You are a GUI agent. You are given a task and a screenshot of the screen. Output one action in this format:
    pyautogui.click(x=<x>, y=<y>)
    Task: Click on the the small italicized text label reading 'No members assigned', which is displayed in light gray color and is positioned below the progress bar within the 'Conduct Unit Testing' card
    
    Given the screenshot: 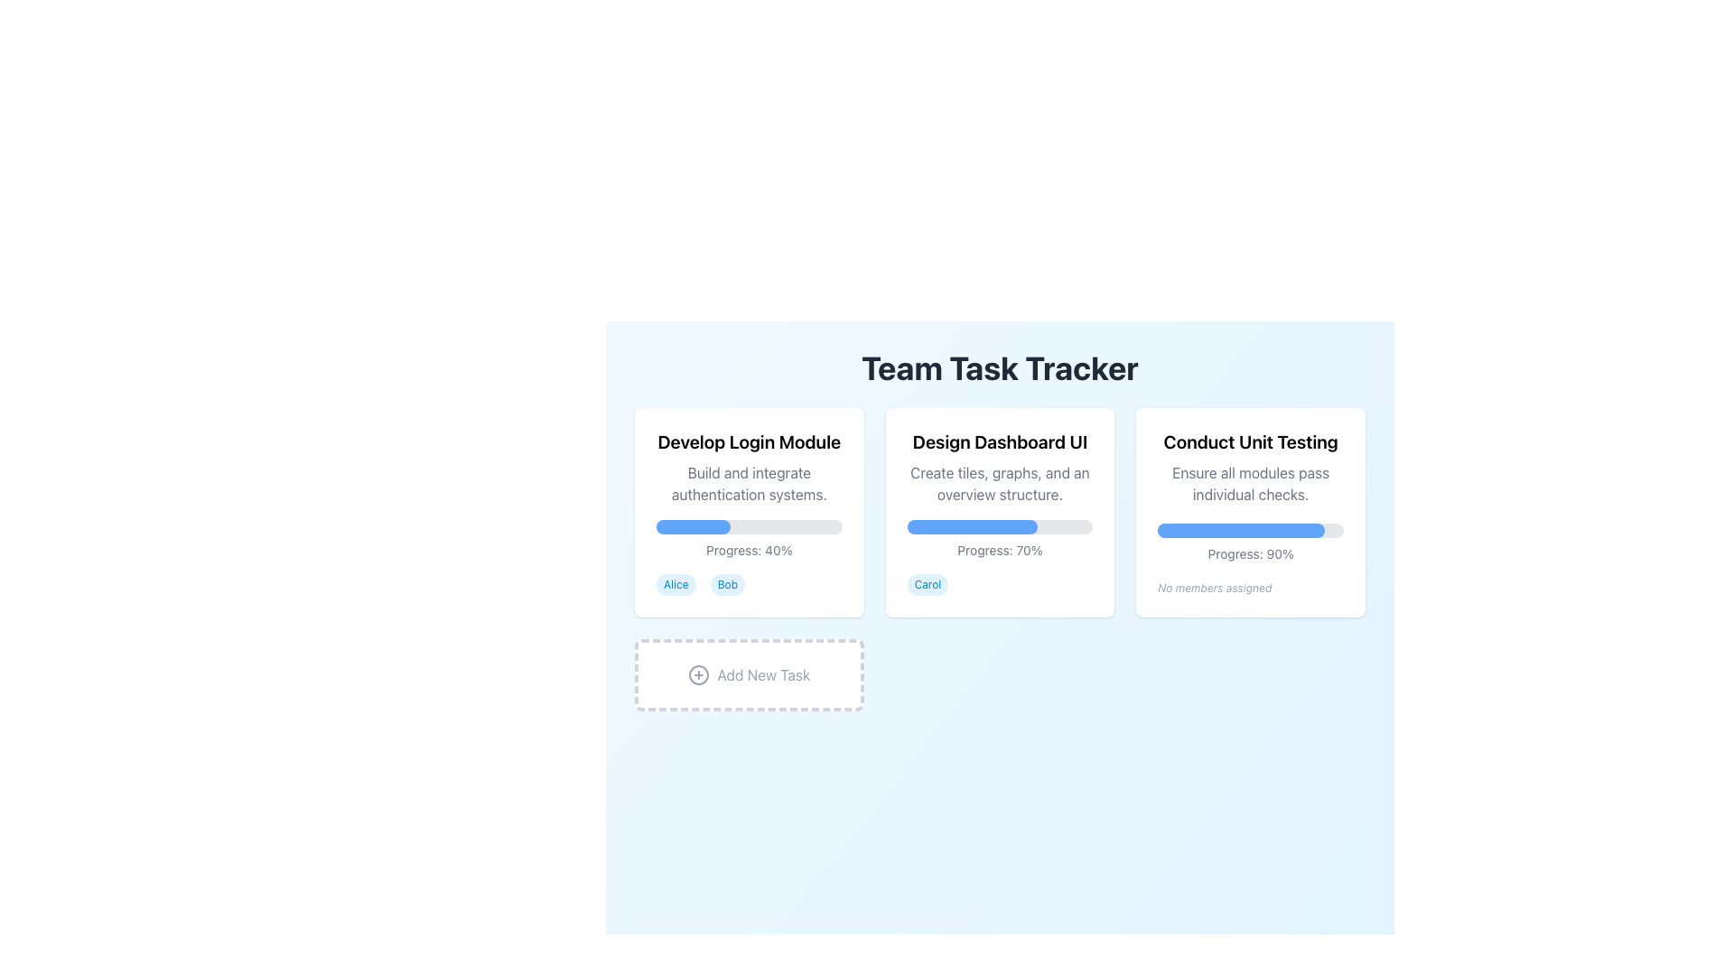 What is the action you would take?
    pyautogui.click(x=1215, y=588)
    